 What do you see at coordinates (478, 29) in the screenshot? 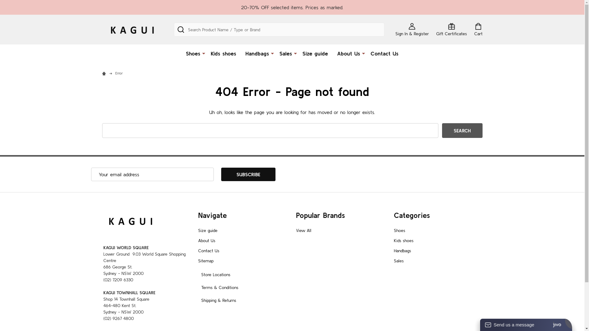
I see `'Cart'` at bounding box center [478, 29].